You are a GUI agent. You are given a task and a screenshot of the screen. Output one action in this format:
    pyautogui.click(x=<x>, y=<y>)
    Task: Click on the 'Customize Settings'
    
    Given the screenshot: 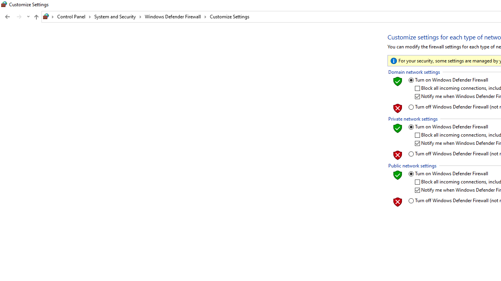 What is the action you would take?
    pyautogui.click(x=229, y=16)
    